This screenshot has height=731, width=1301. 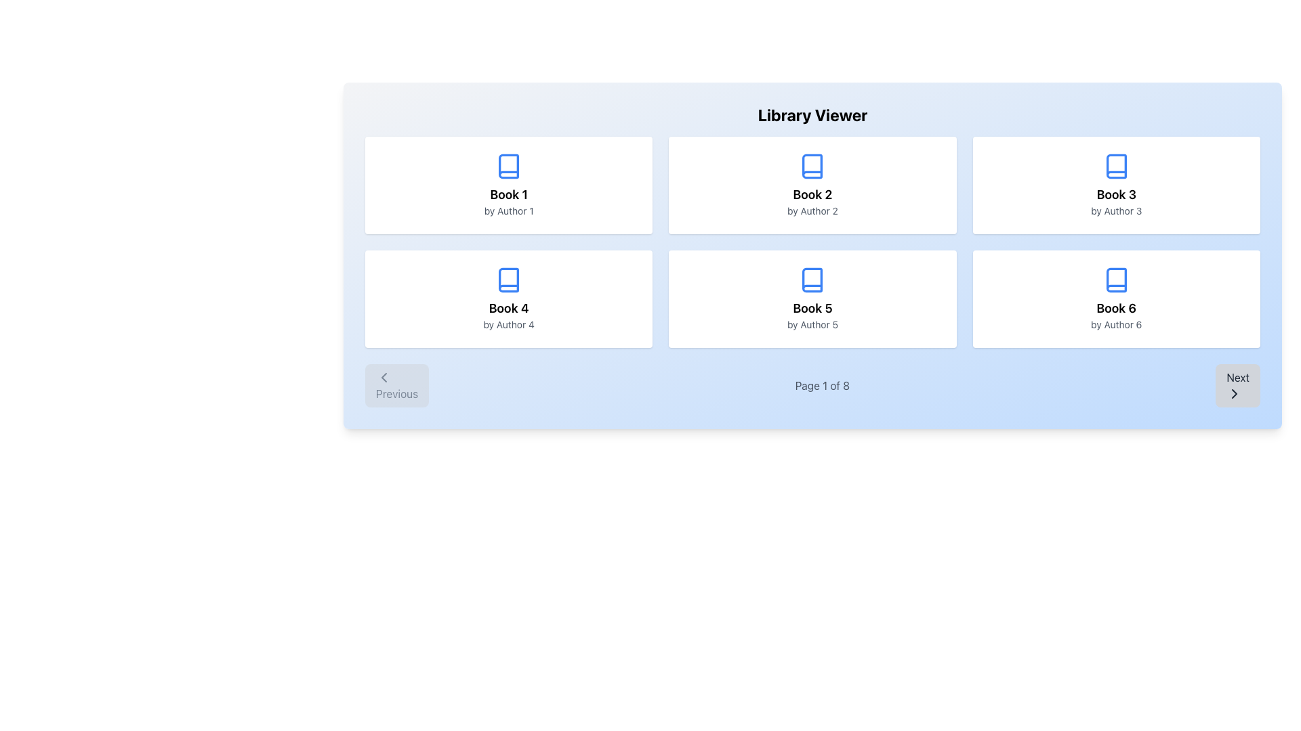 What do you see at coordinates (508, 308) in the screenshot?
I see `the static text displaying 'Book 4', which is located in the second row and first column of the book grid within its card` at bounding box center [508, 308].